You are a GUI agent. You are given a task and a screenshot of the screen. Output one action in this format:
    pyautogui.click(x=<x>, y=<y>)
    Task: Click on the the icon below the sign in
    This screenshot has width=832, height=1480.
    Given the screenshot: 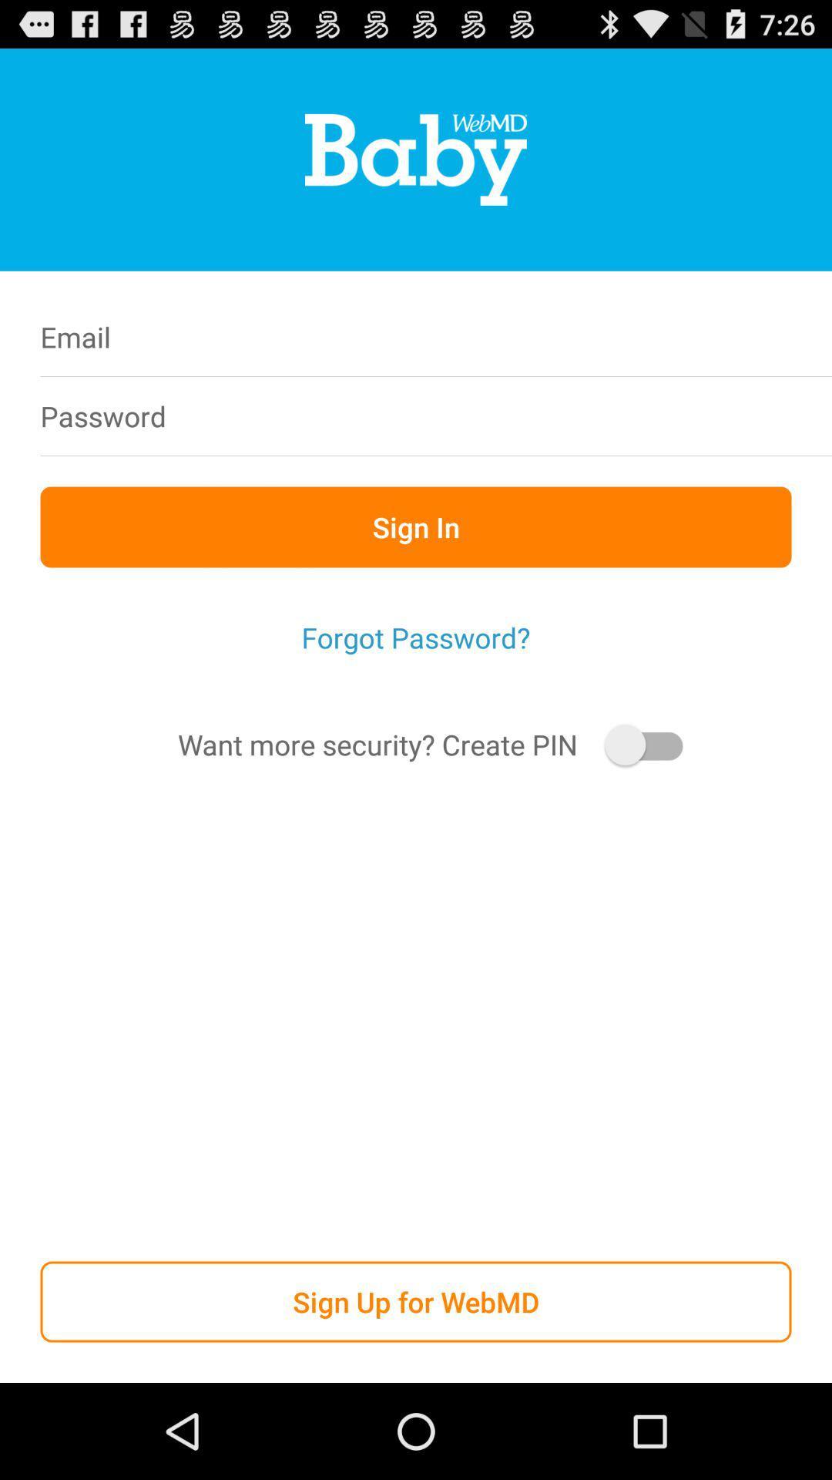 What is the action you would take?
    pyautogui.click(x=416, y=637)
    